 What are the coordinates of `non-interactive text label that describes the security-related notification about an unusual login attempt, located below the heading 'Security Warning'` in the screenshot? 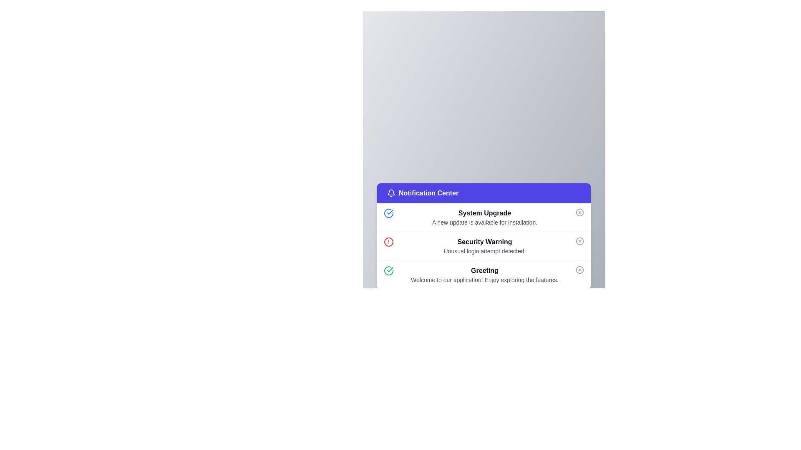 It's located at (484, 250).